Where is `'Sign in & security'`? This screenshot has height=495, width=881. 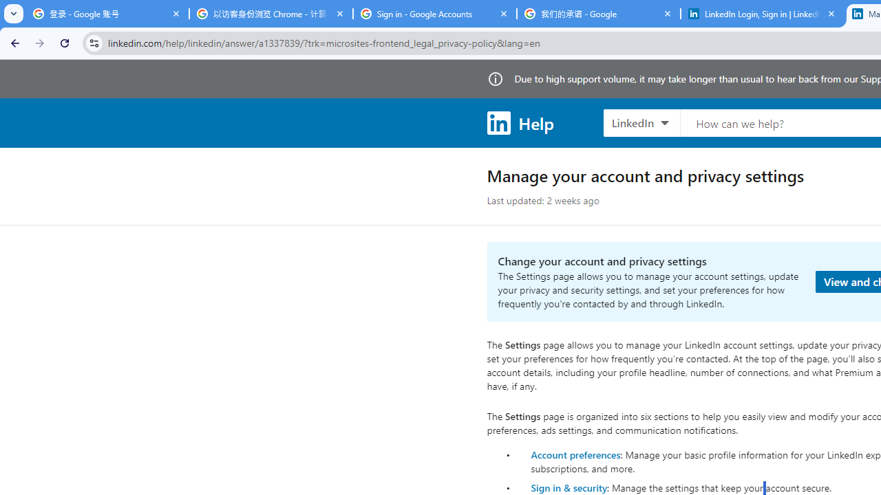
'Sign in & security' is located at coordinates (569, 487).